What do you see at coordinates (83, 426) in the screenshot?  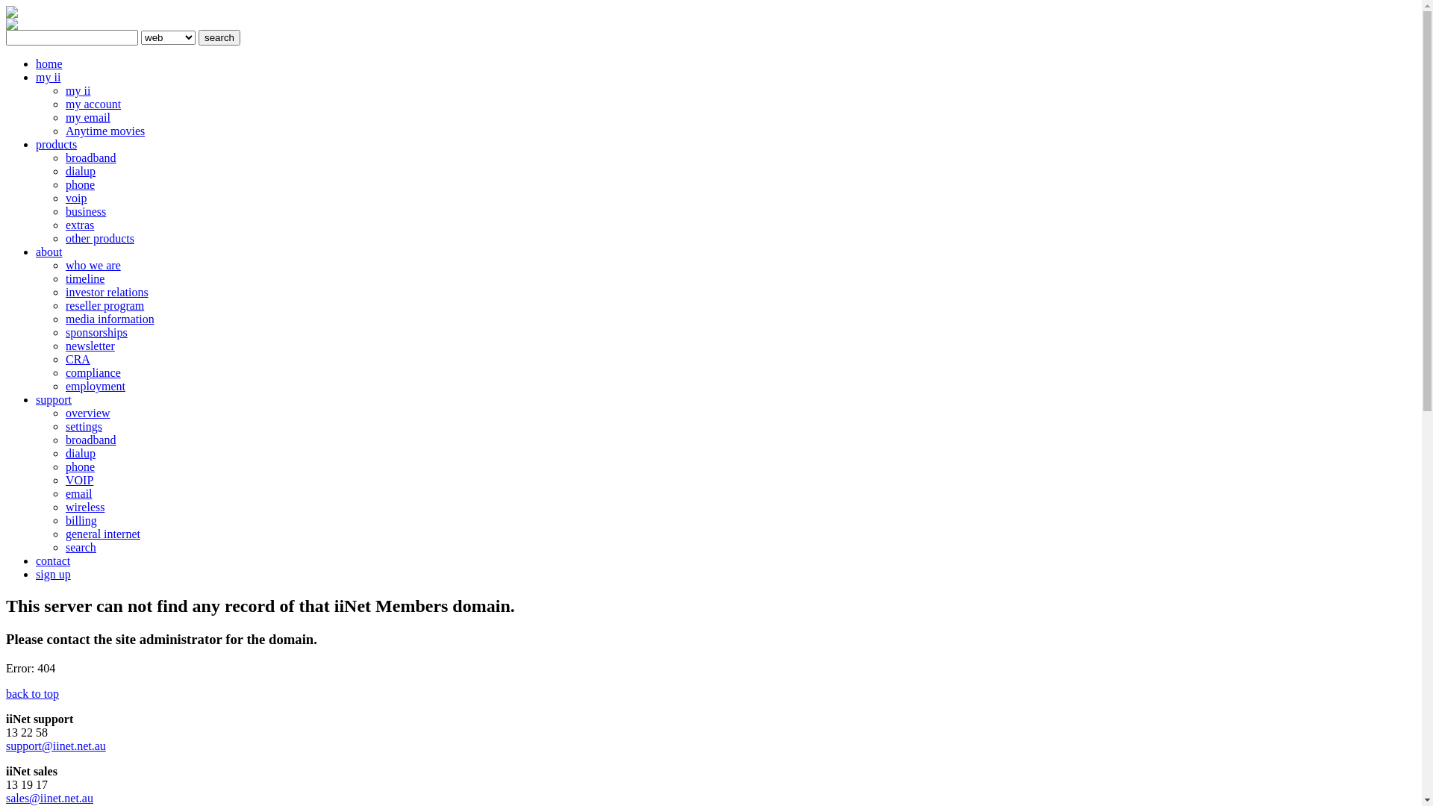 I see `'settings'` at bounding box center [83, 426].